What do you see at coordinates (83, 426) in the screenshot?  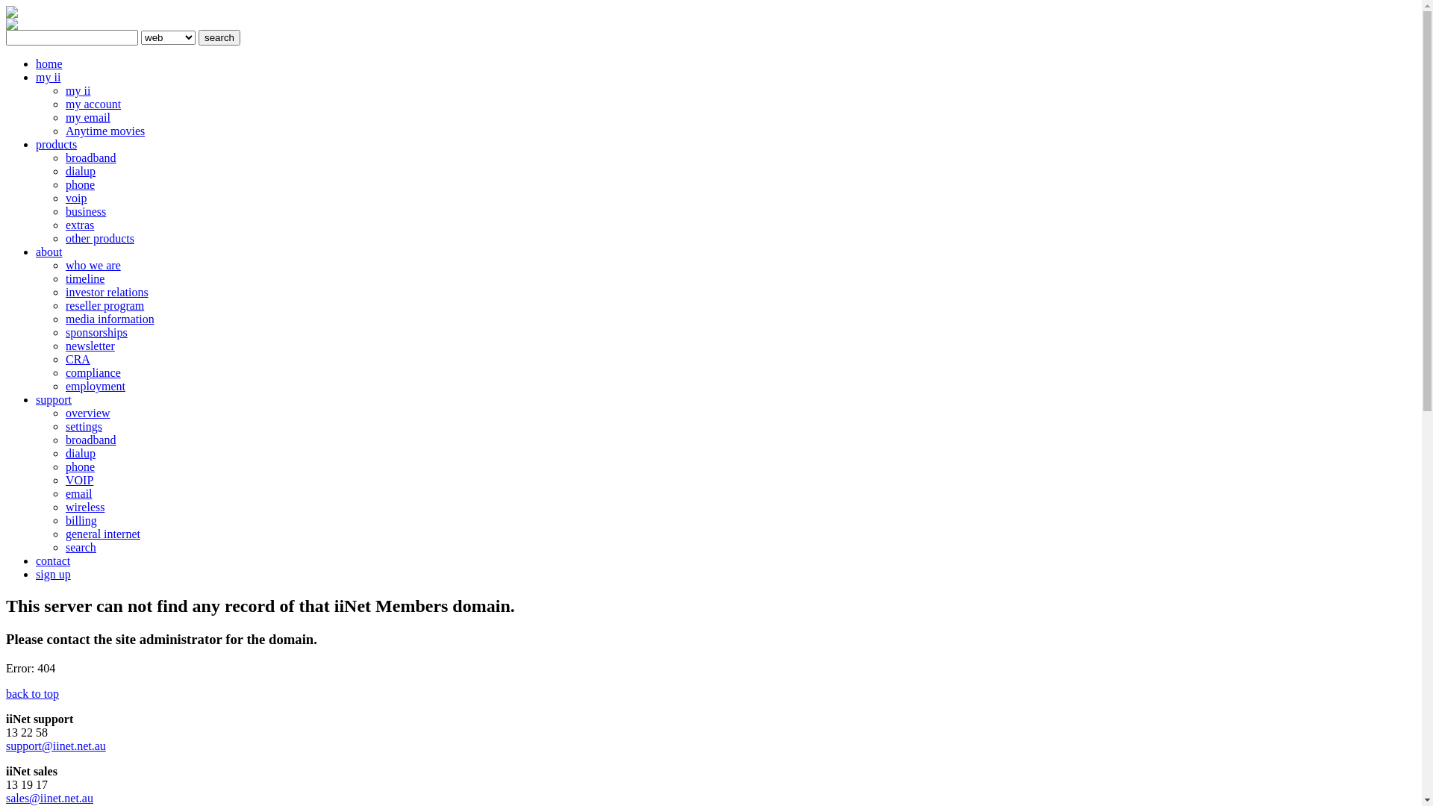 I see `'settings'` at bounding box center [83, 426].